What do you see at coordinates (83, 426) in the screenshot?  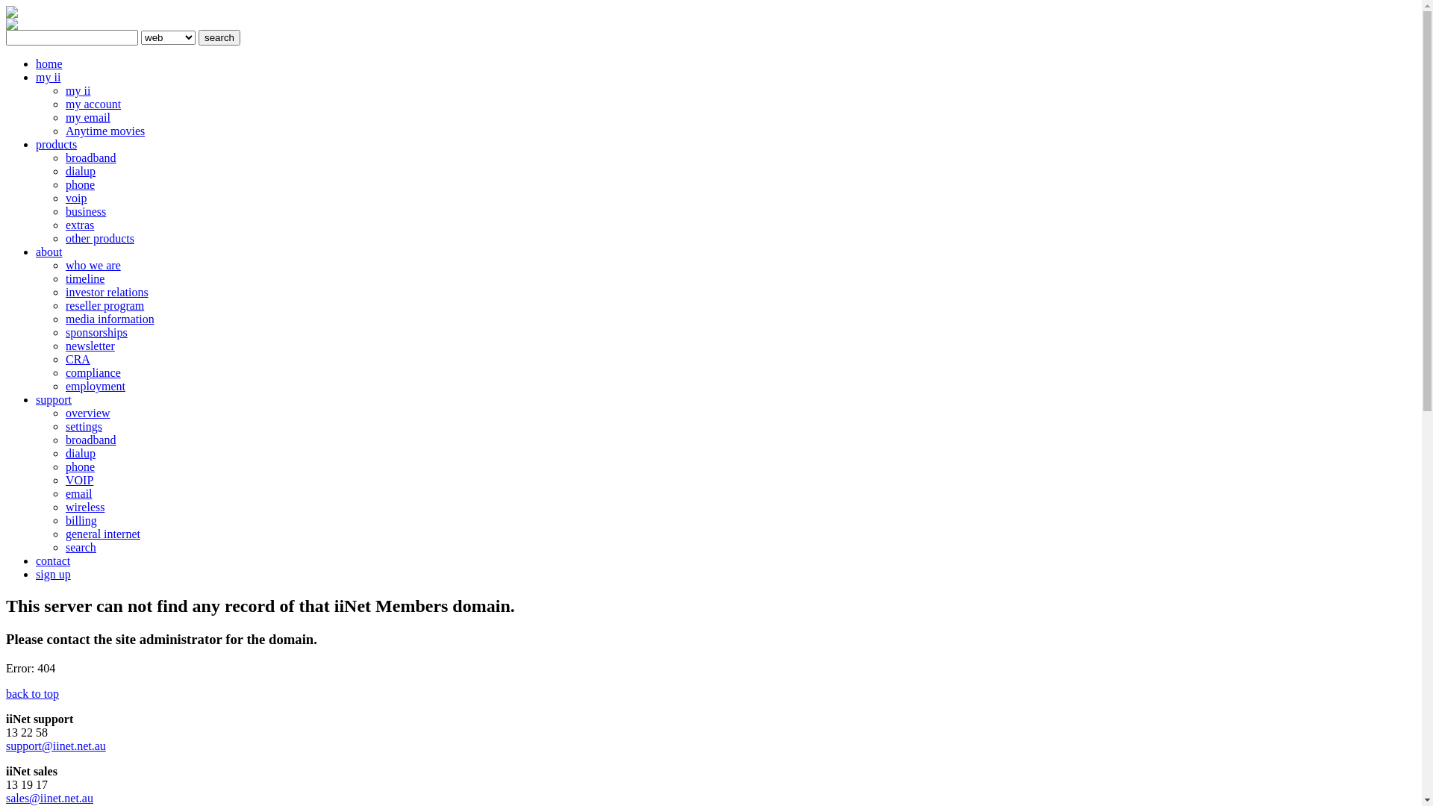 I see `'settings'` at bounding box center [83, 426].